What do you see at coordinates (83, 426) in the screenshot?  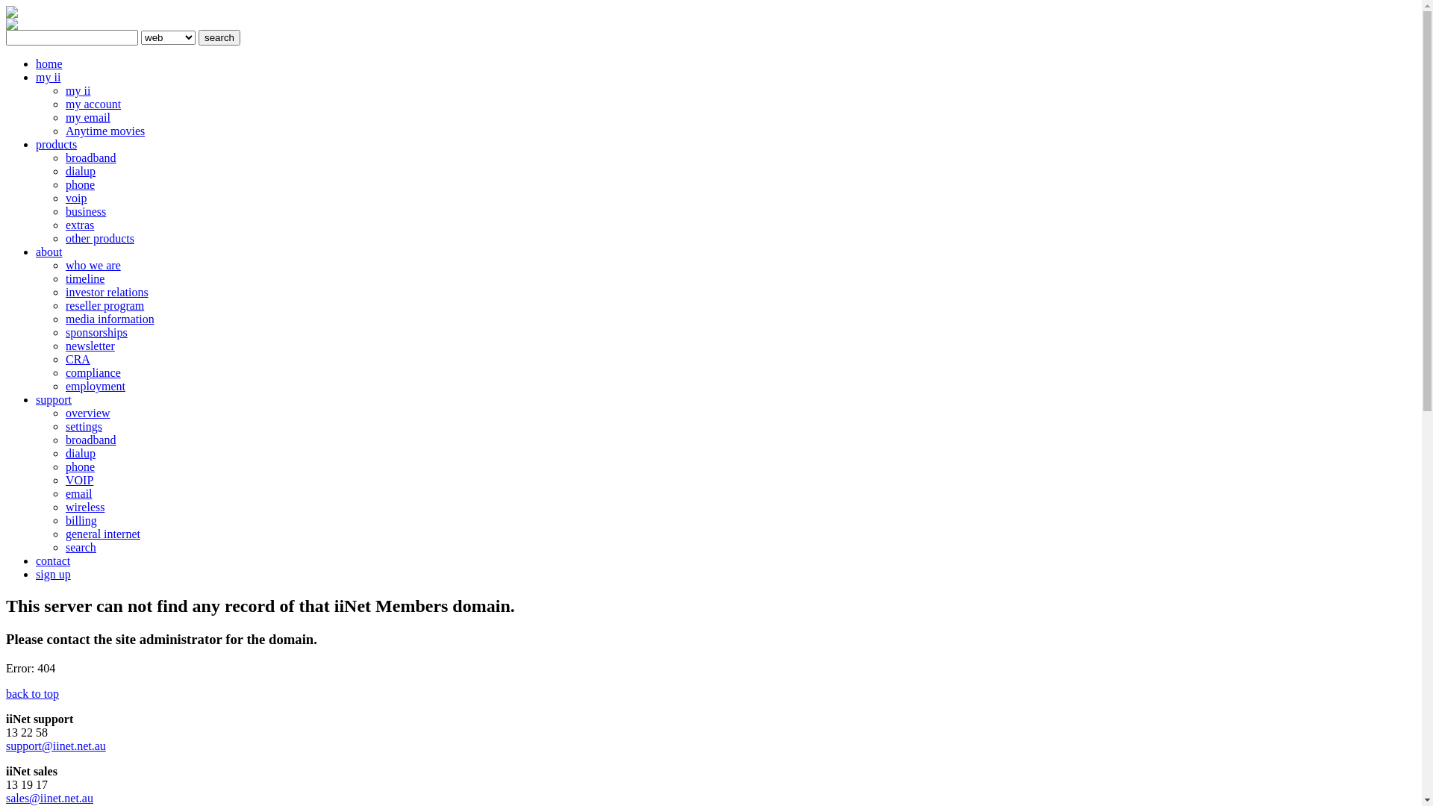 I see `'settings'` at bounding box center [83, 426].